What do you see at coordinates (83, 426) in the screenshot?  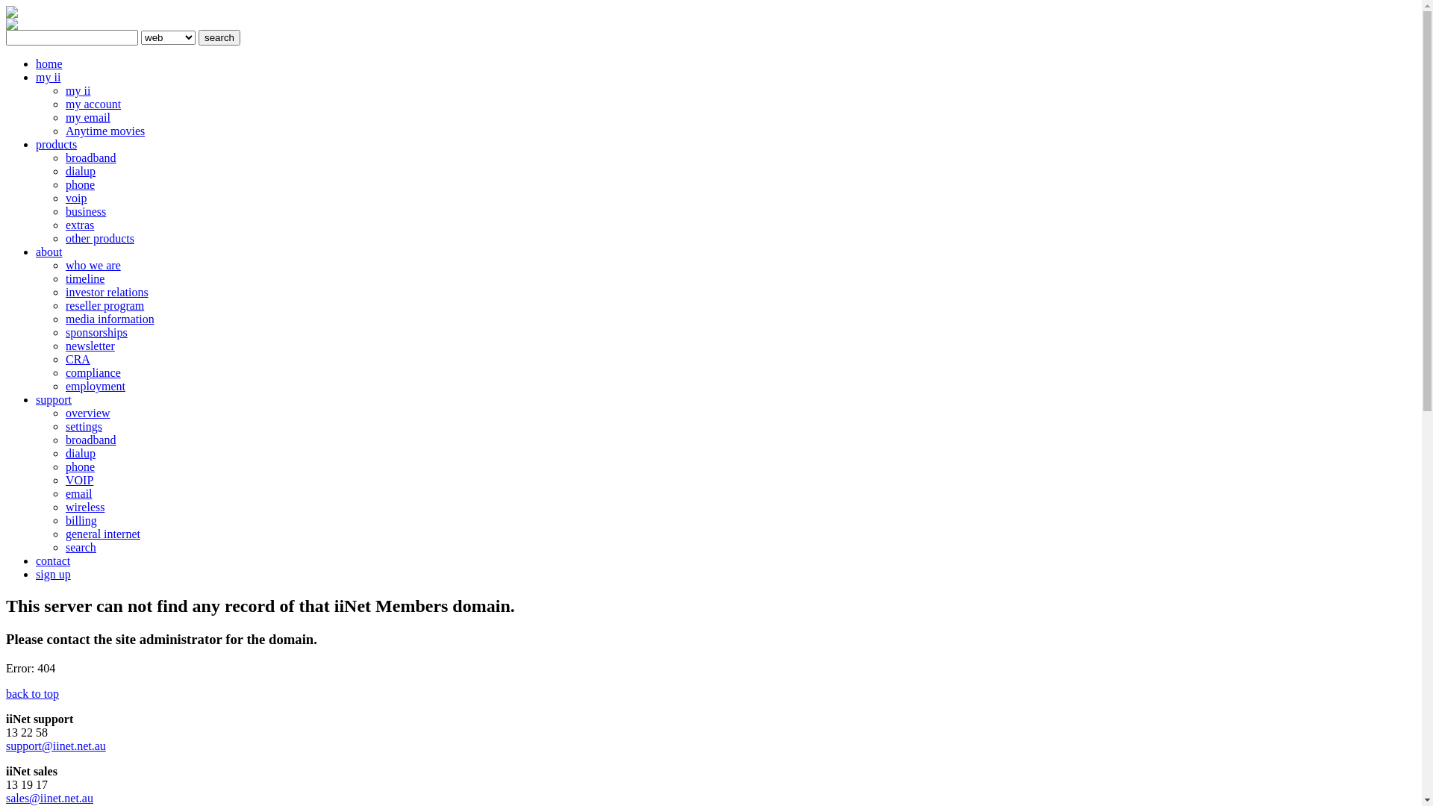 I see `'settings'` at bounding box center [83, 426].